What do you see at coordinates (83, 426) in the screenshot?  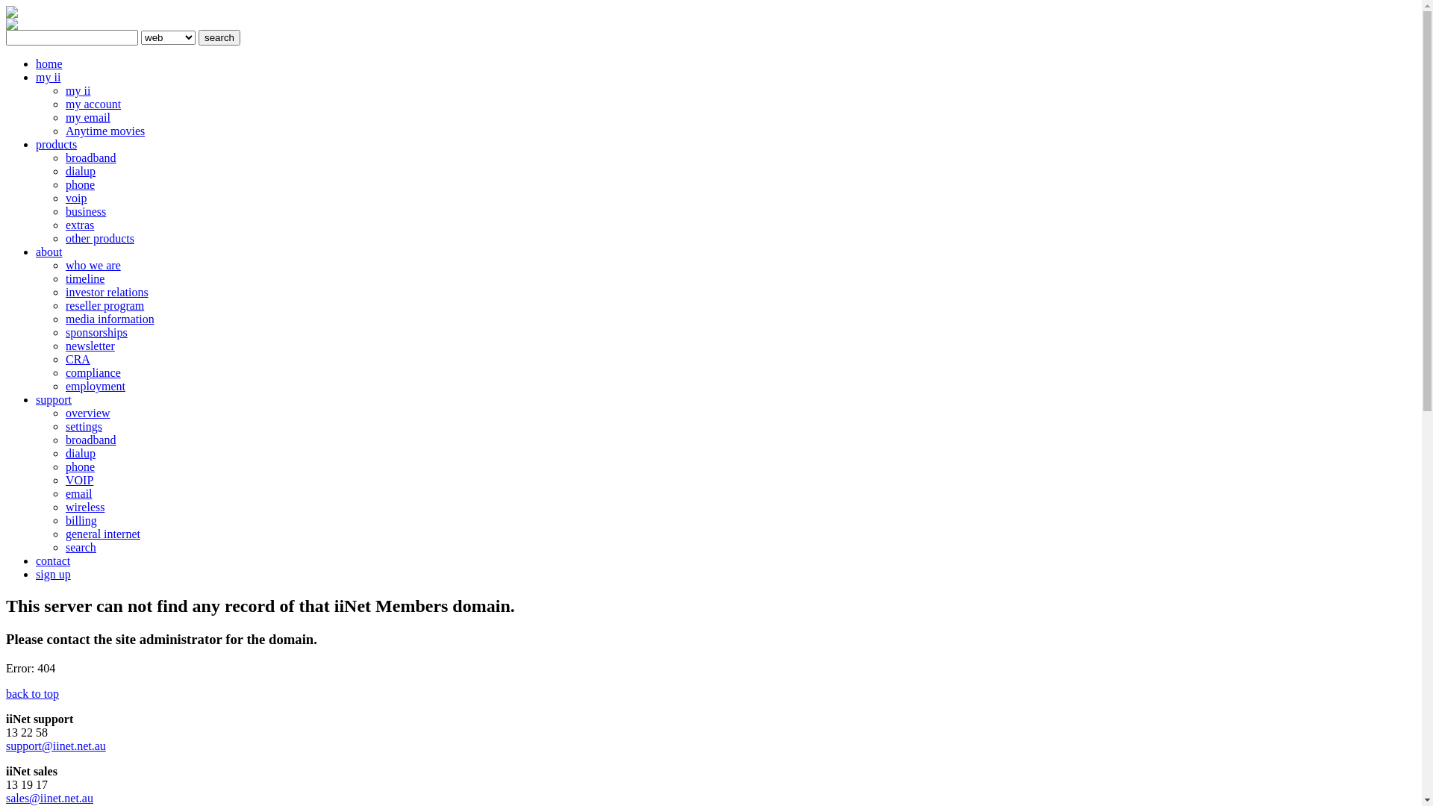 I see `'settings'` at bounding box center [83, 426].